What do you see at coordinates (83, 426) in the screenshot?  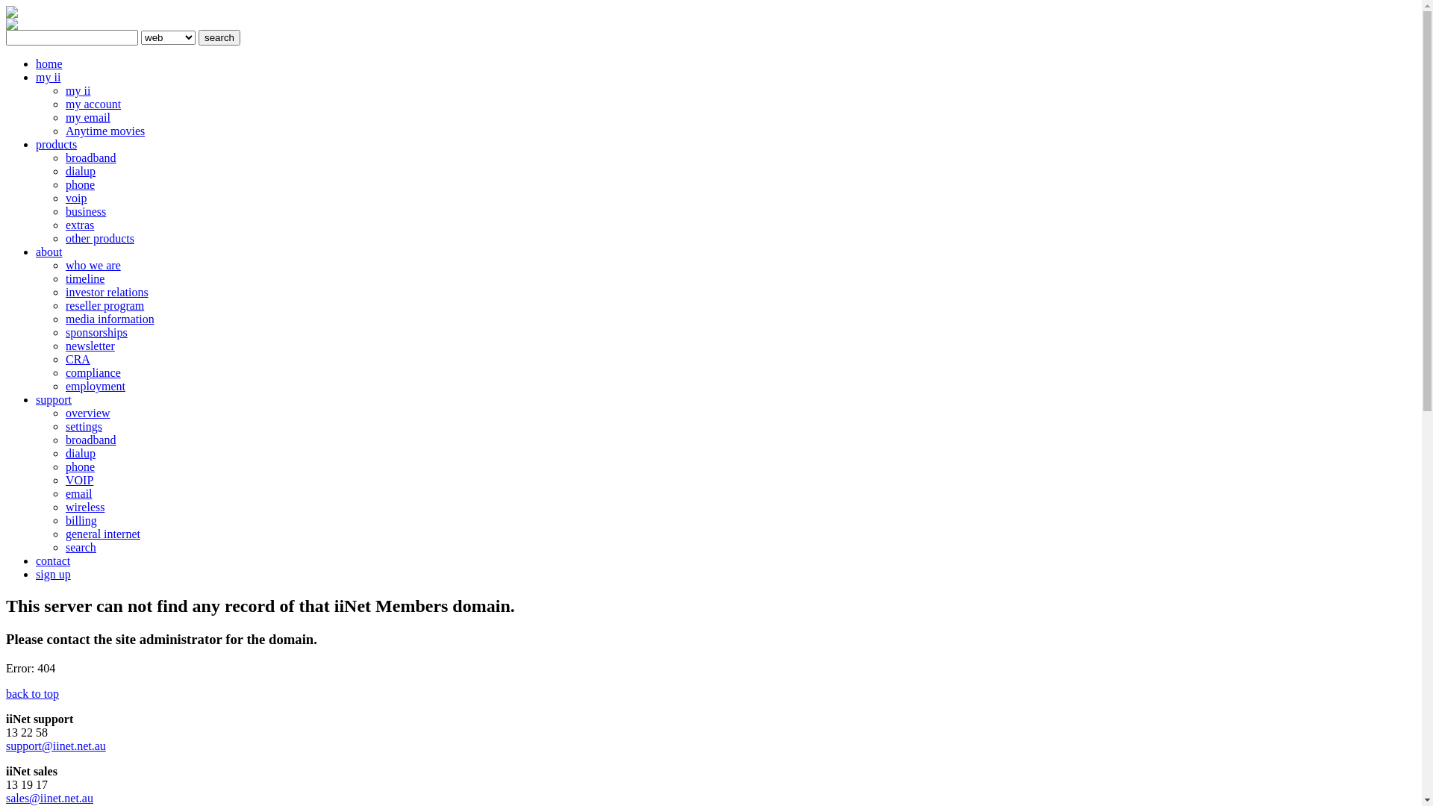 I see `'settings'` at bounding box center [83, 426].